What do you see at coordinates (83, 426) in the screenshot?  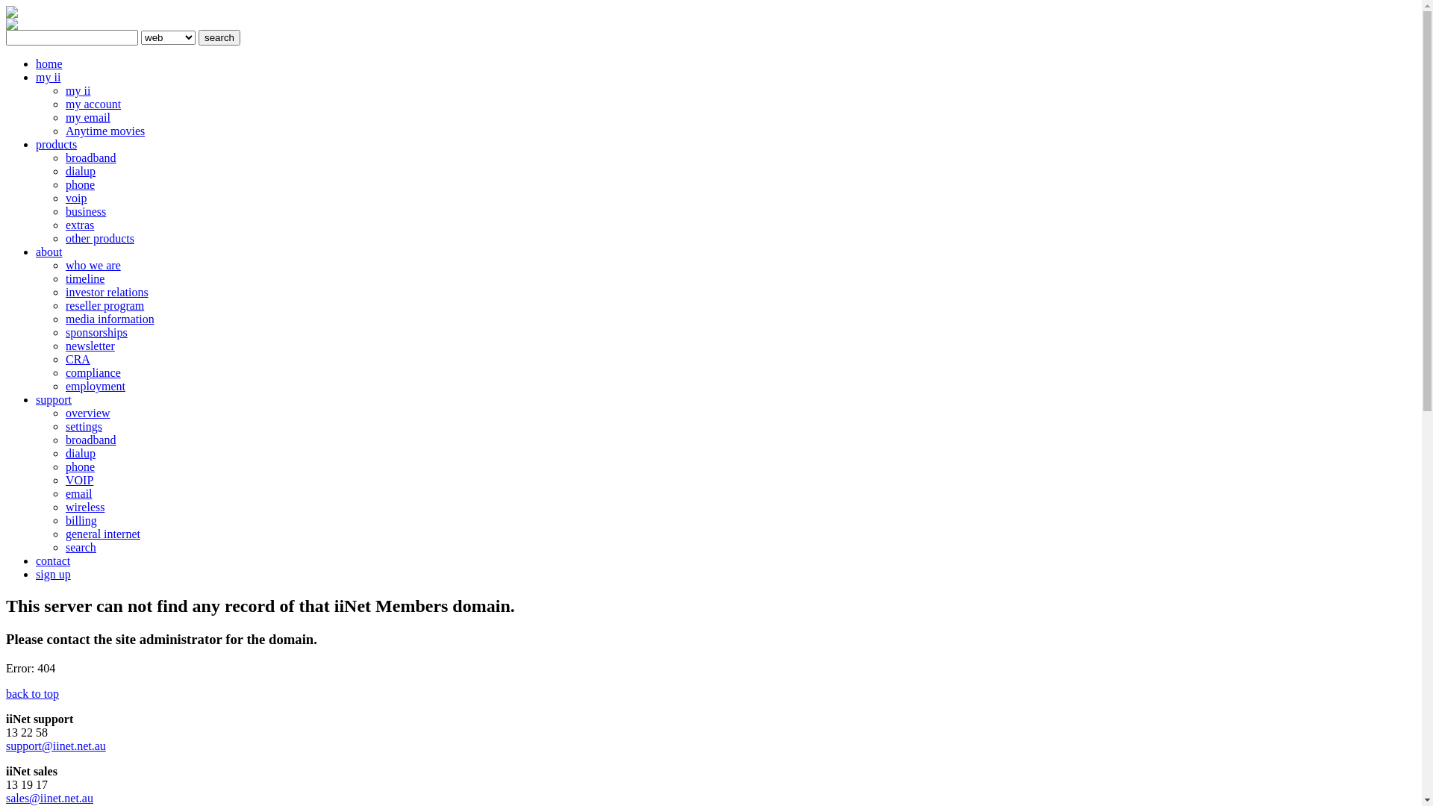 I see `'settings'` at bounding box center [83, 426].